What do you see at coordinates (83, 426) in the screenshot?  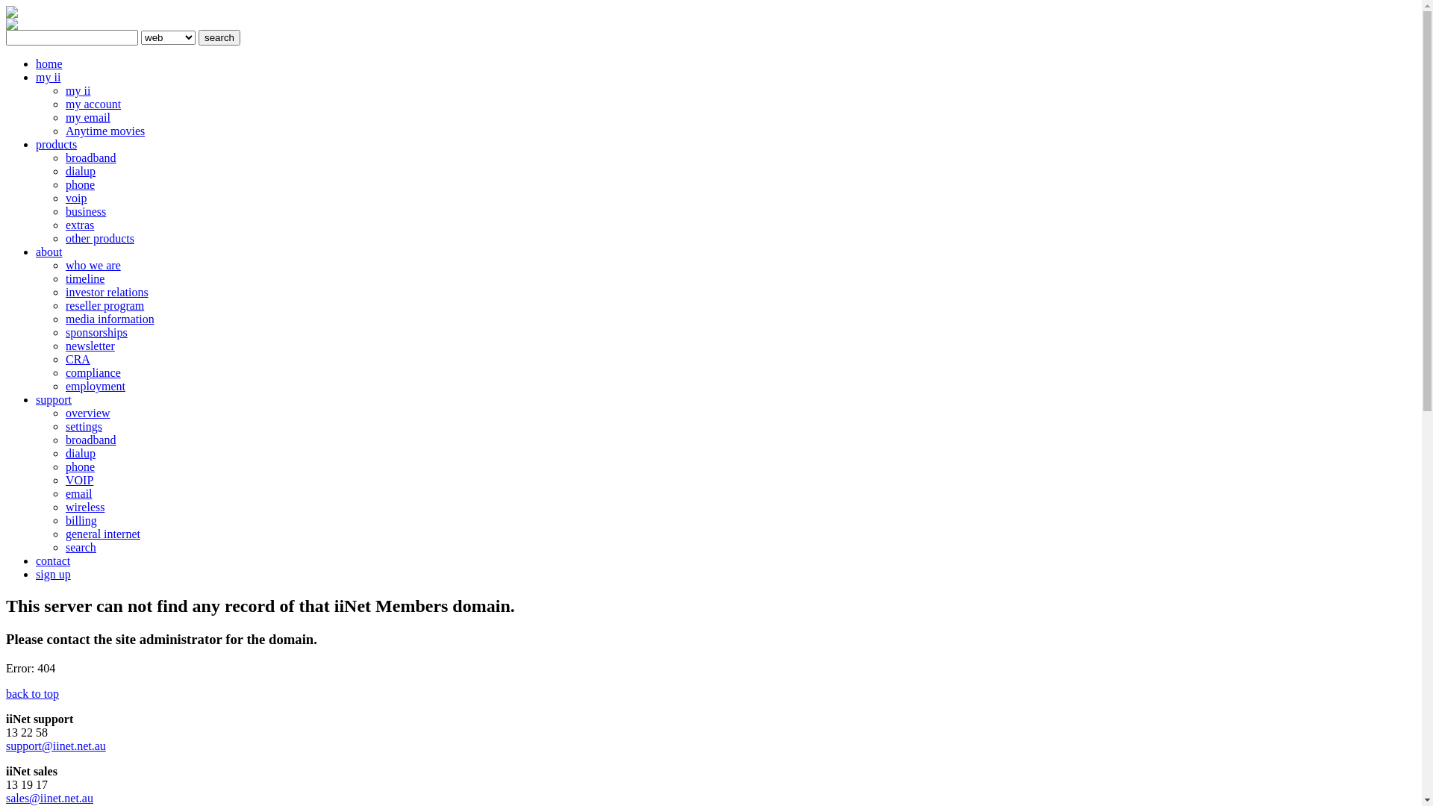 I see `'settings'` at bounding box center [83, 426].